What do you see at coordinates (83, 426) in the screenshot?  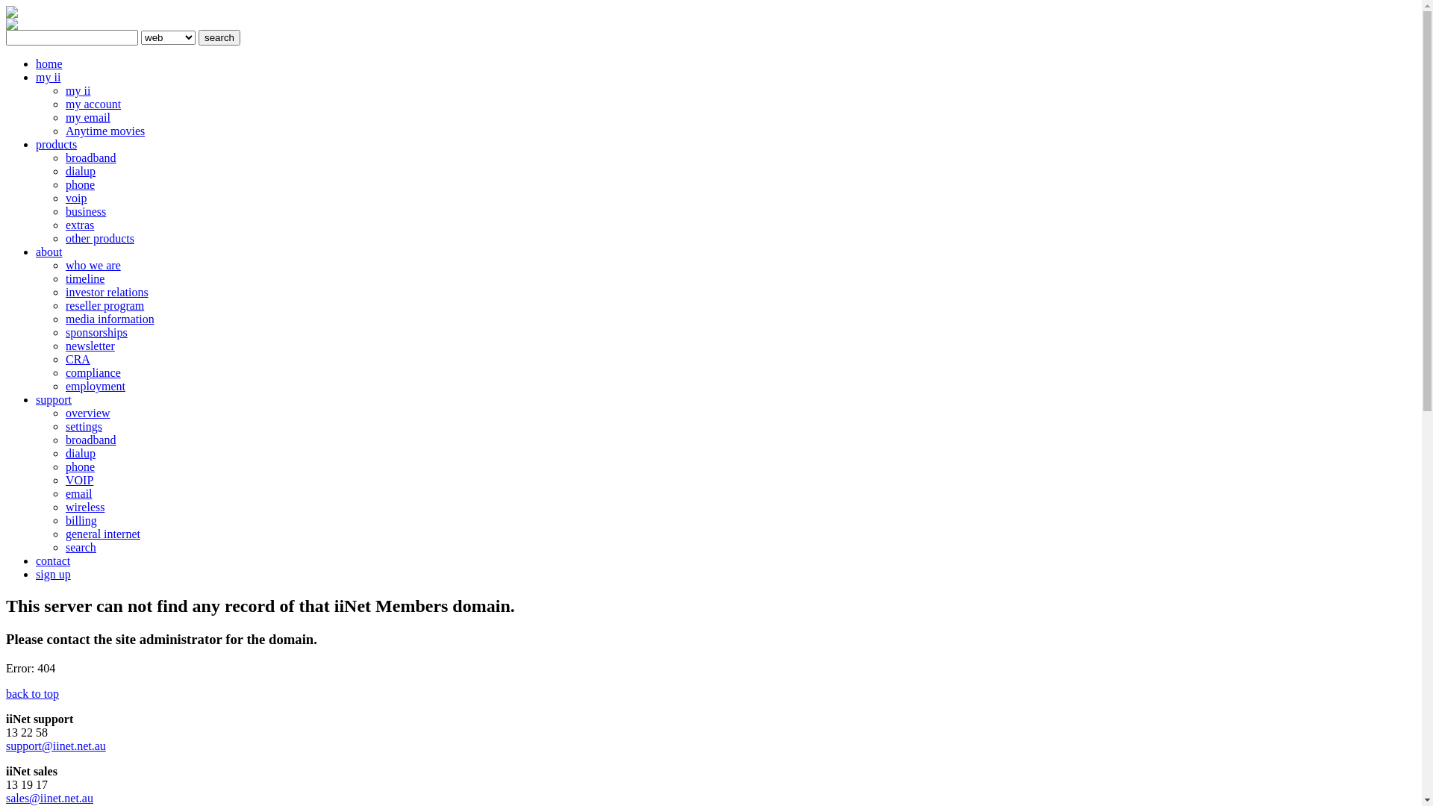 I see `'settings'` at bounding box center [83, 426].